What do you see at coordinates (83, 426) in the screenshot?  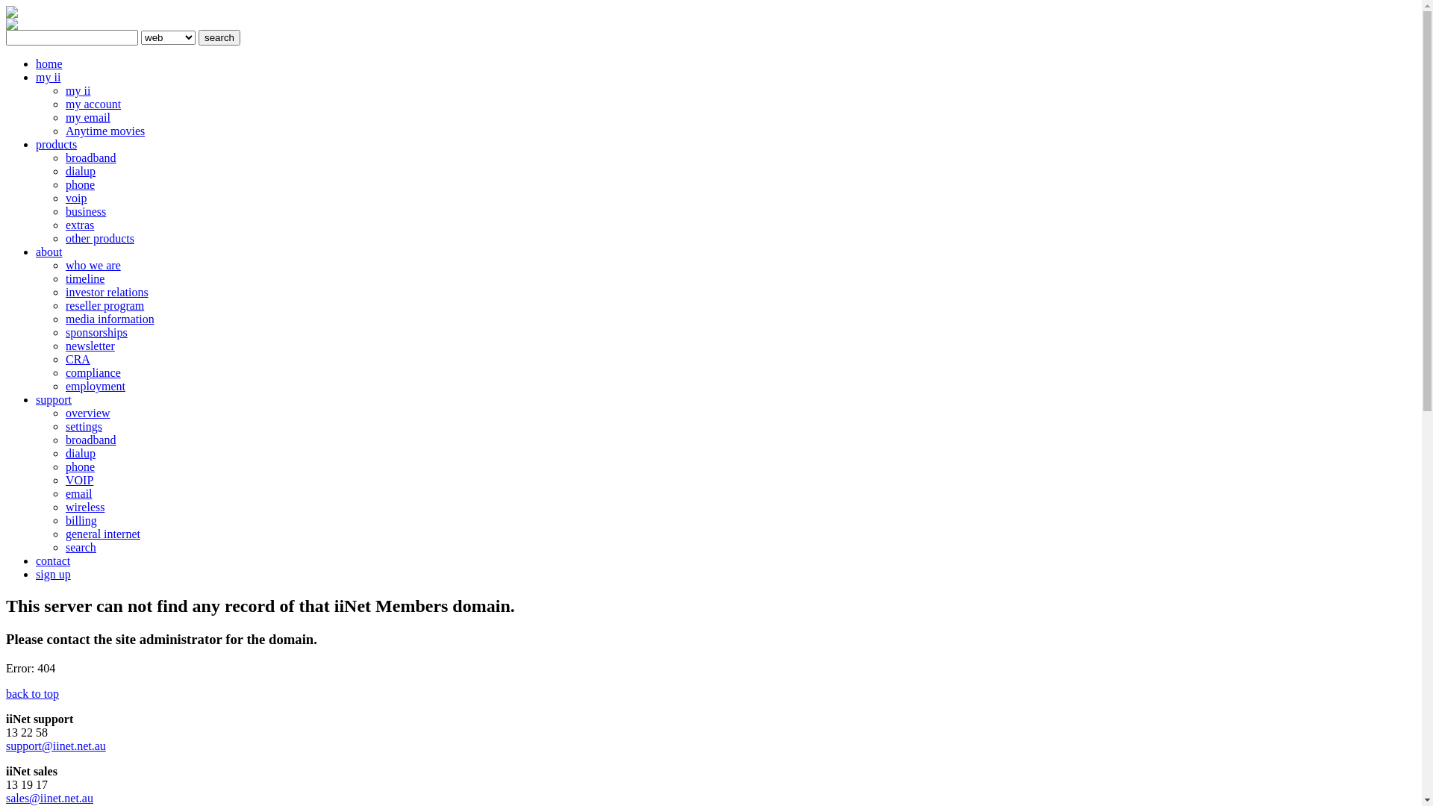 I see `'settings'` at bounding box center [83, 426].